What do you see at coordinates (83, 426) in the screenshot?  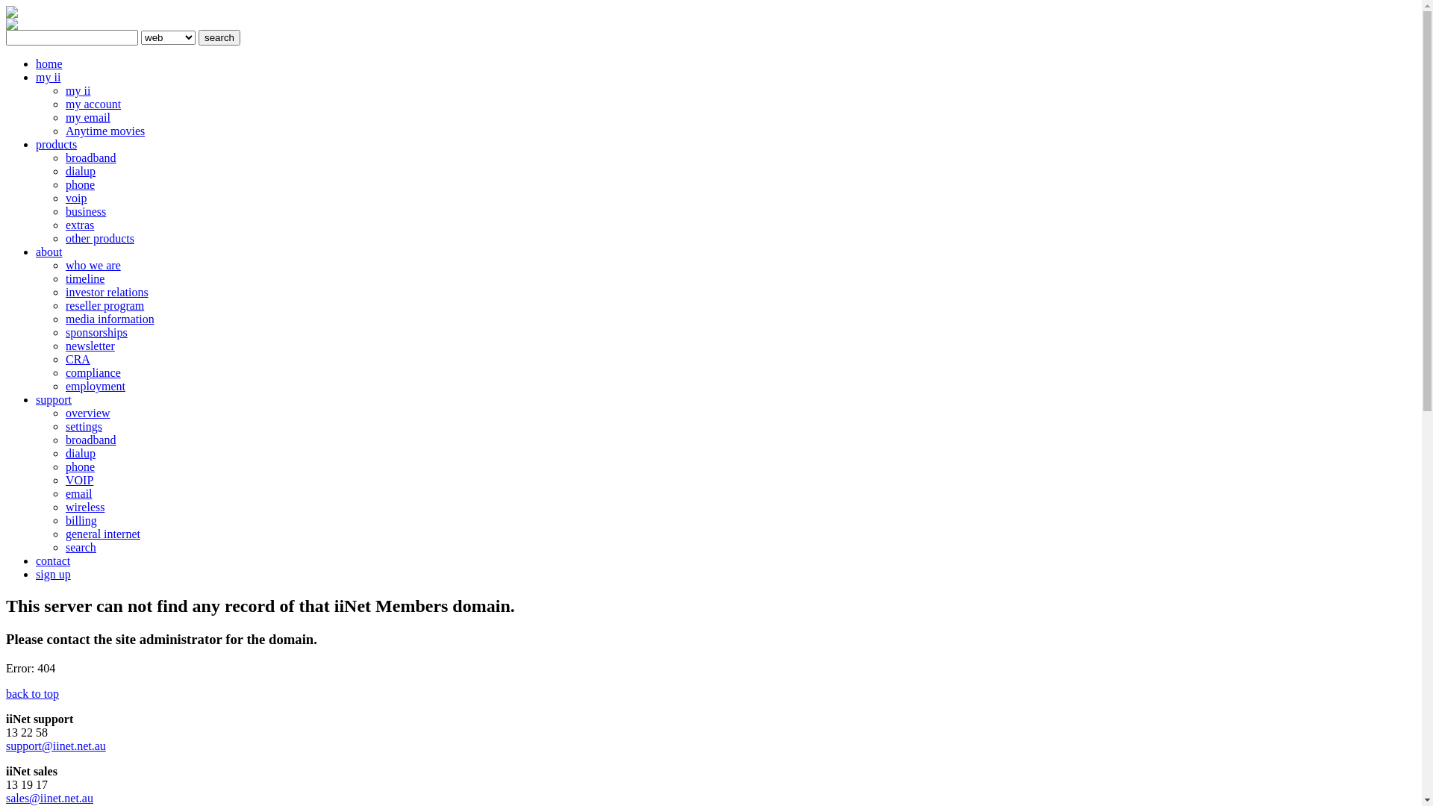 I see `'settings'` at bounding box center [83, 426].